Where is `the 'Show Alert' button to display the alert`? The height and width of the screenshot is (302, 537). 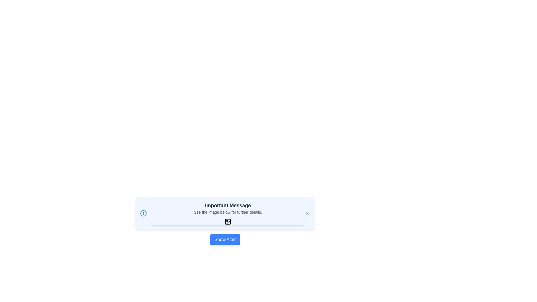 the 'Show Alert' button to display the alert is located at coordinates (225, 239).